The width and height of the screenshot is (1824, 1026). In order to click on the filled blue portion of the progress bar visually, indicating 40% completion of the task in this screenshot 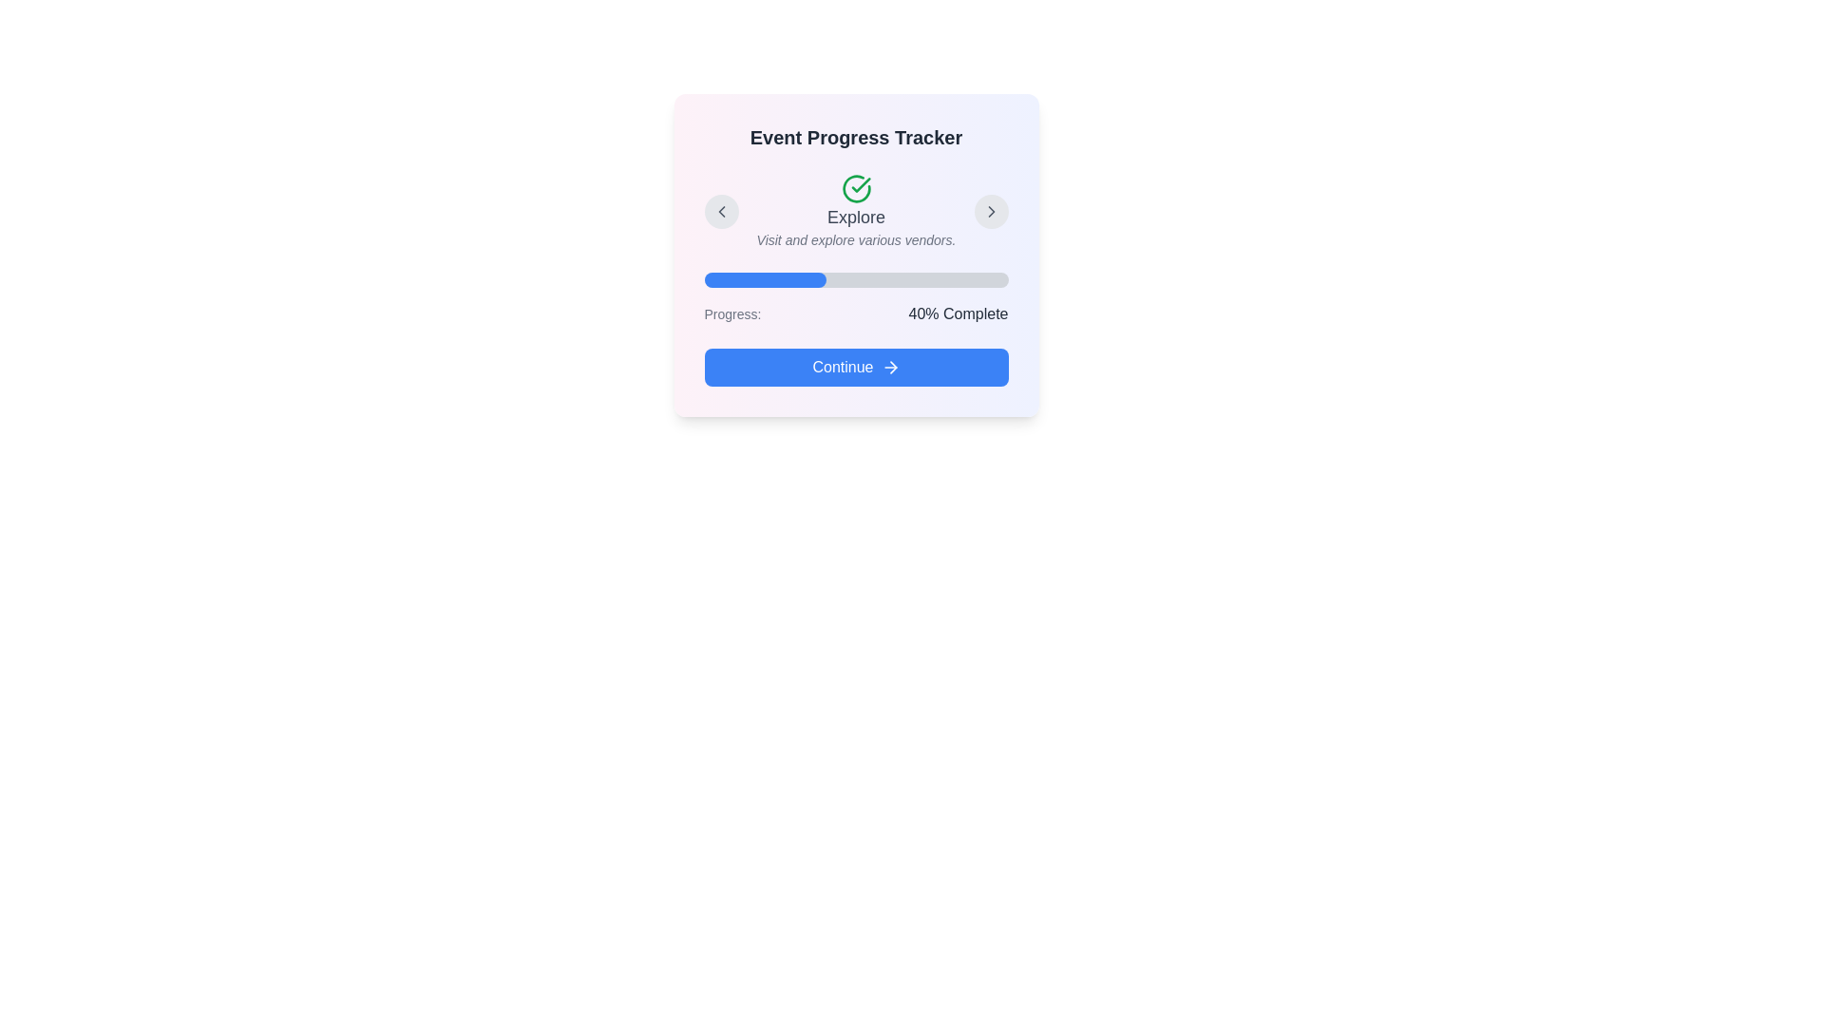, I will do `click(765, 279)`.